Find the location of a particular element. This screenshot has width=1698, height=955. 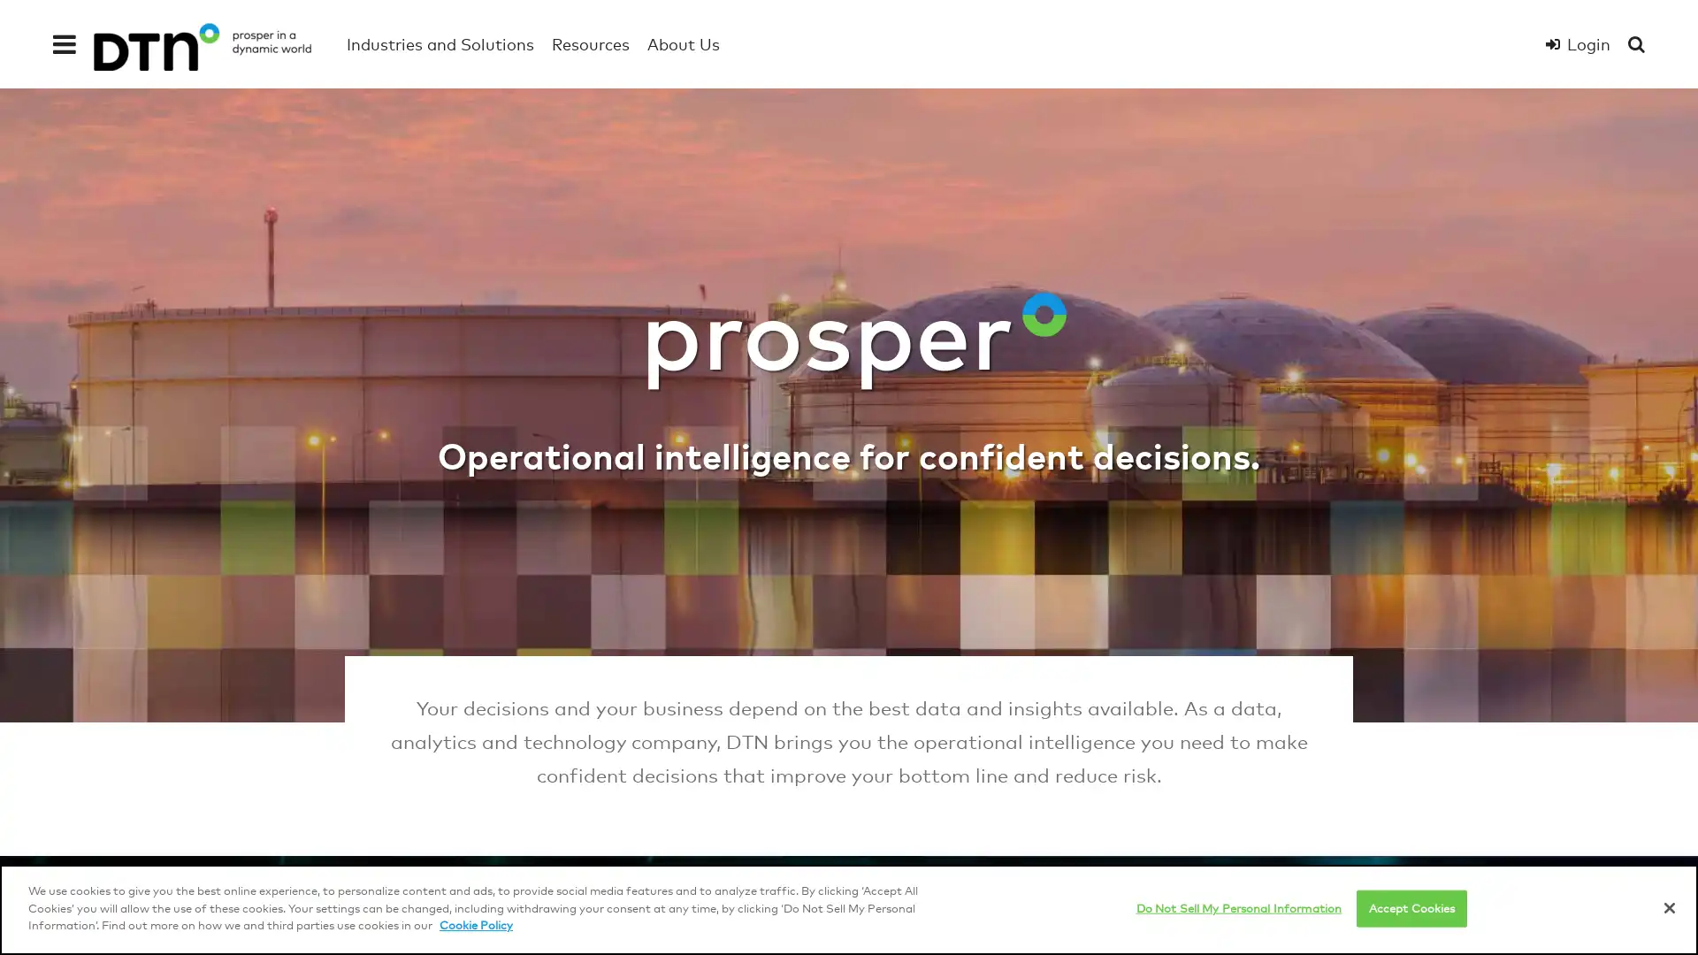

Accept Cookies is located at coordinates (1411, 907).